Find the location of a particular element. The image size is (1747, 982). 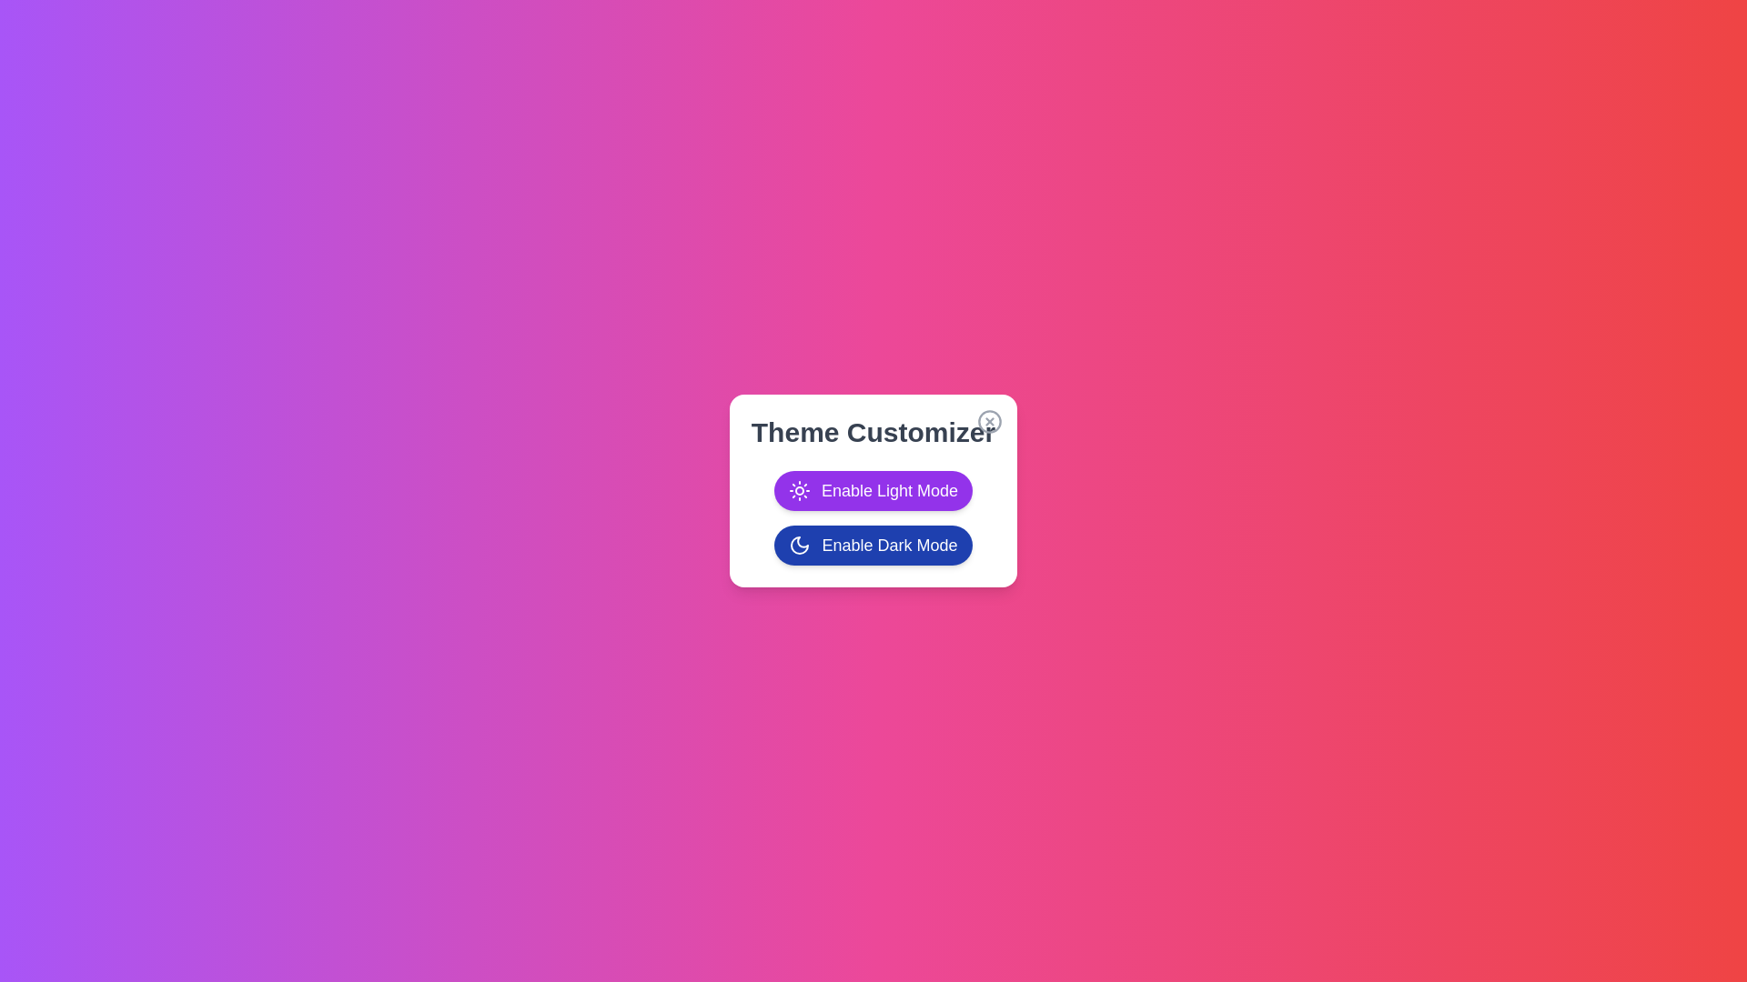

the 'Enable Light Mode' button to enable light mode is located at coordinates (873, 491).